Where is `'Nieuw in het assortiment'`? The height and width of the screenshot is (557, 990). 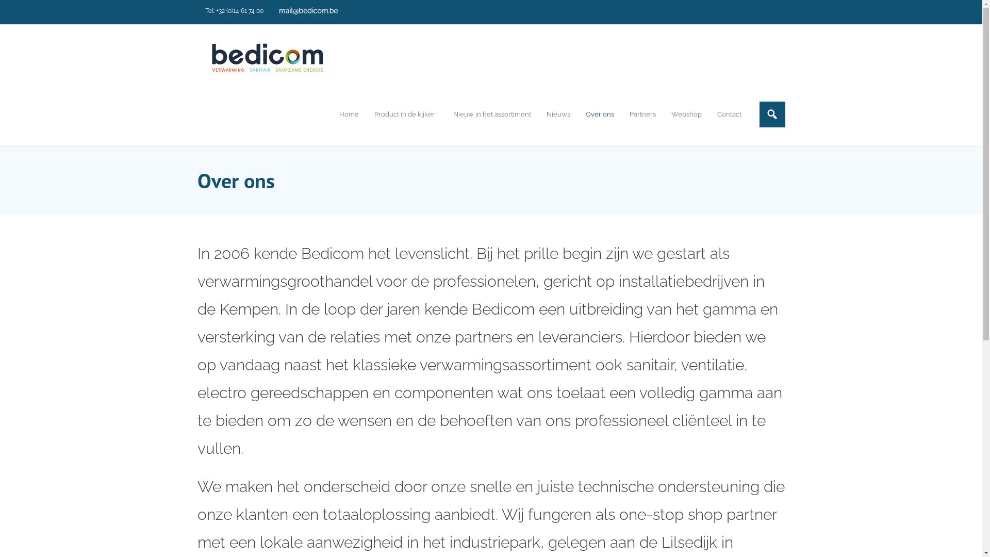 'Nieuw in het assortiment' is located at coordinates (445, 114).